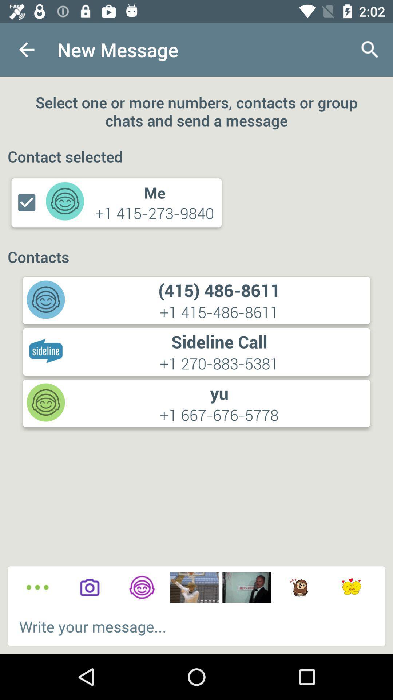  Describe the element at coordinates (351, 587) in the screenshot. I see `emoji love` at that location.